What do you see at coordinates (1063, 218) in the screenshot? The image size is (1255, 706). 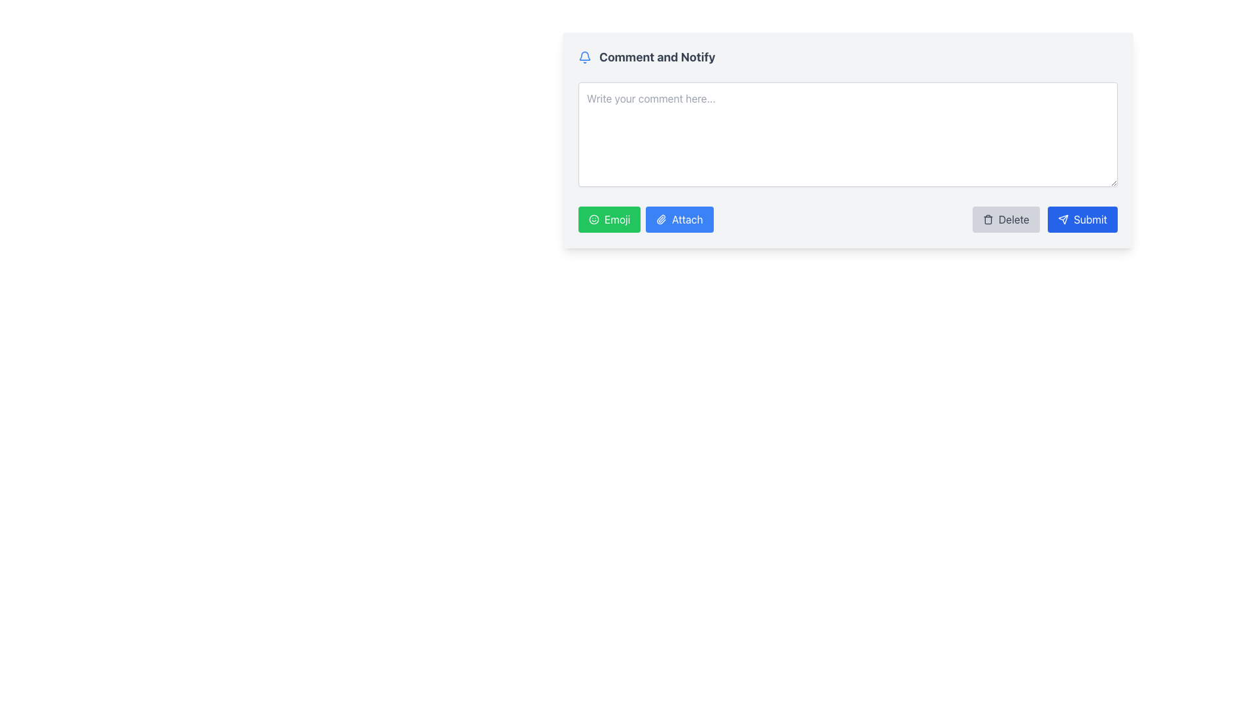 I see `the send icon depicted with a triangular arrow pointing to the top-right, which is located inside the blue 'Submit' button` at bounding box center [1063, 218].